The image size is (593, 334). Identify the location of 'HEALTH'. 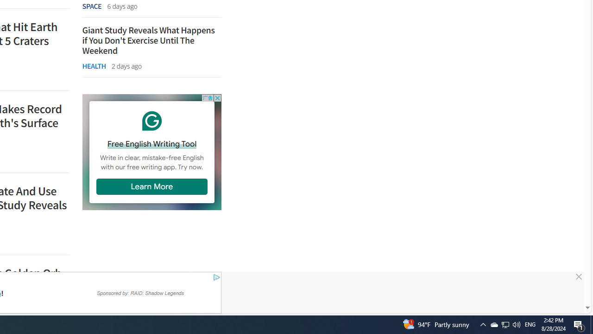
(94, 65).